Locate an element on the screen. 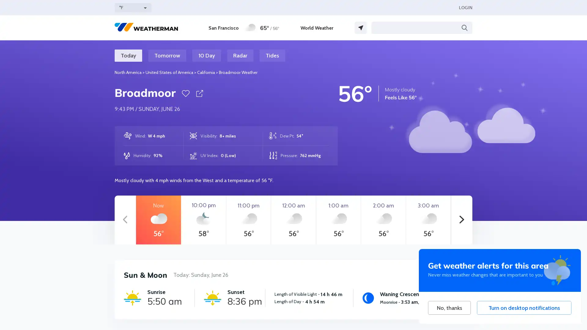 The width and height of the screenshot is (587, 330). Share is located at coordinates (199, 93).